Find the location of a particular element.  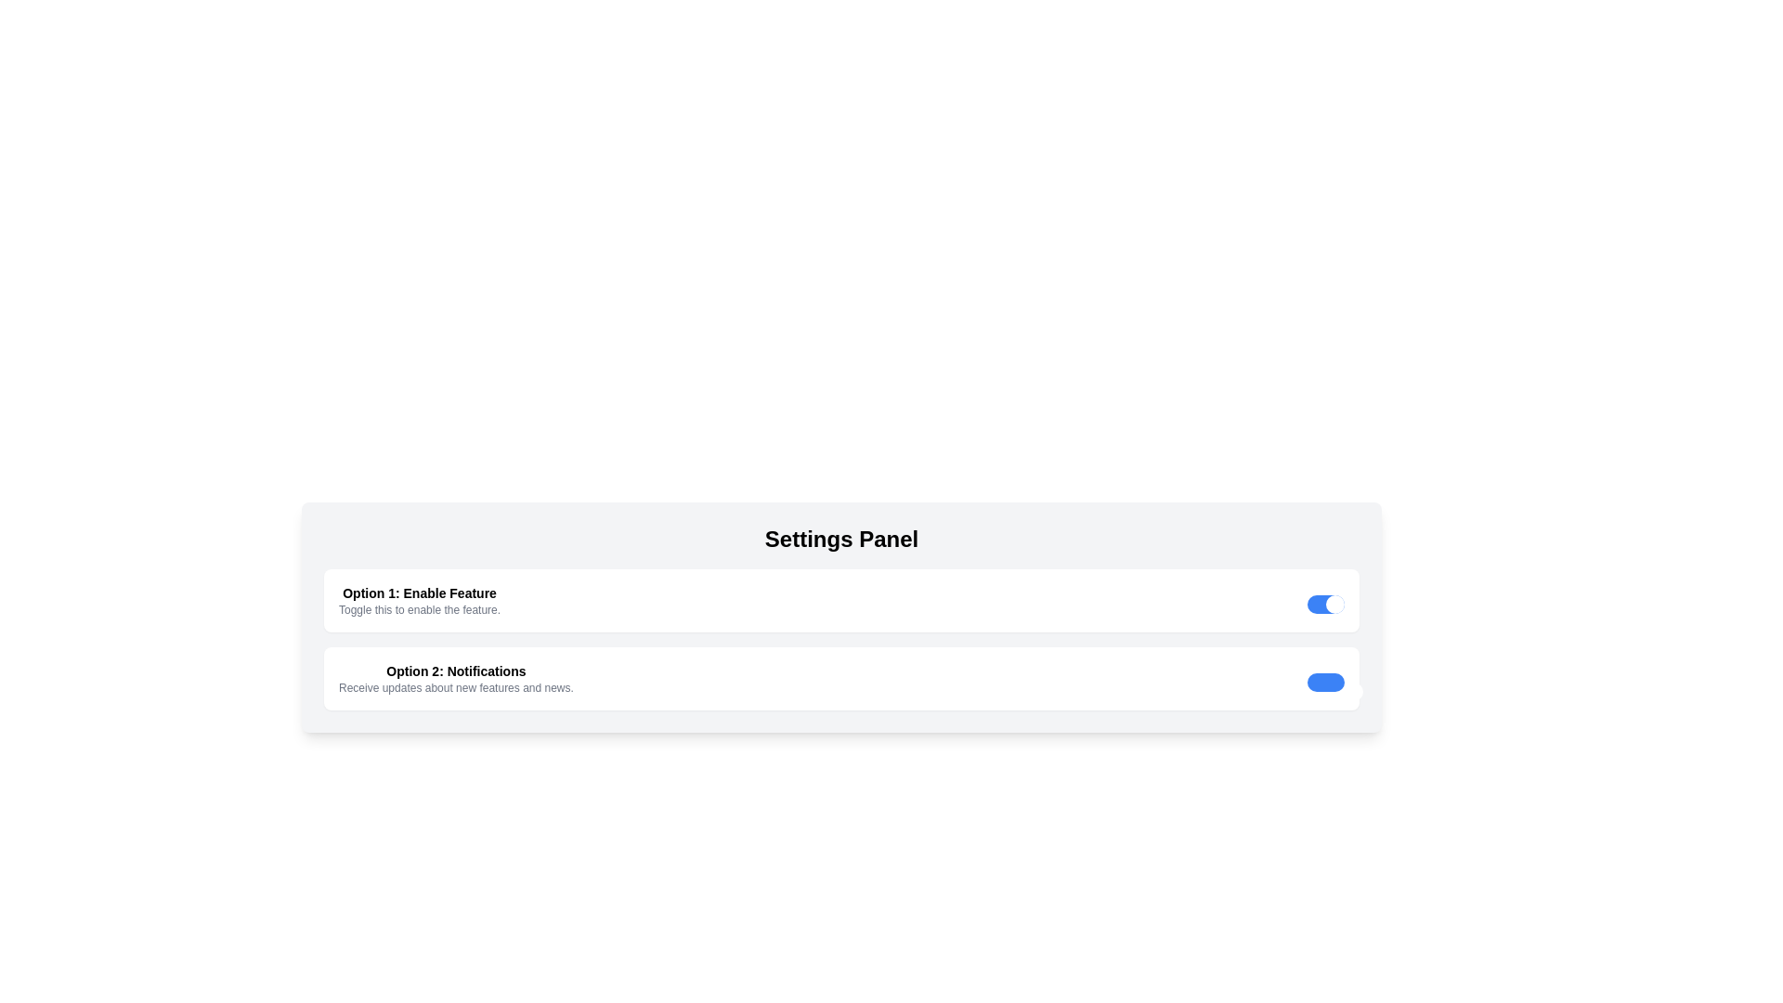

the text label that reads 'Toggle this to enable the feature.' which is located beneath the 'Option 1: Enable Feature' header is located at coordinates (418, 609).